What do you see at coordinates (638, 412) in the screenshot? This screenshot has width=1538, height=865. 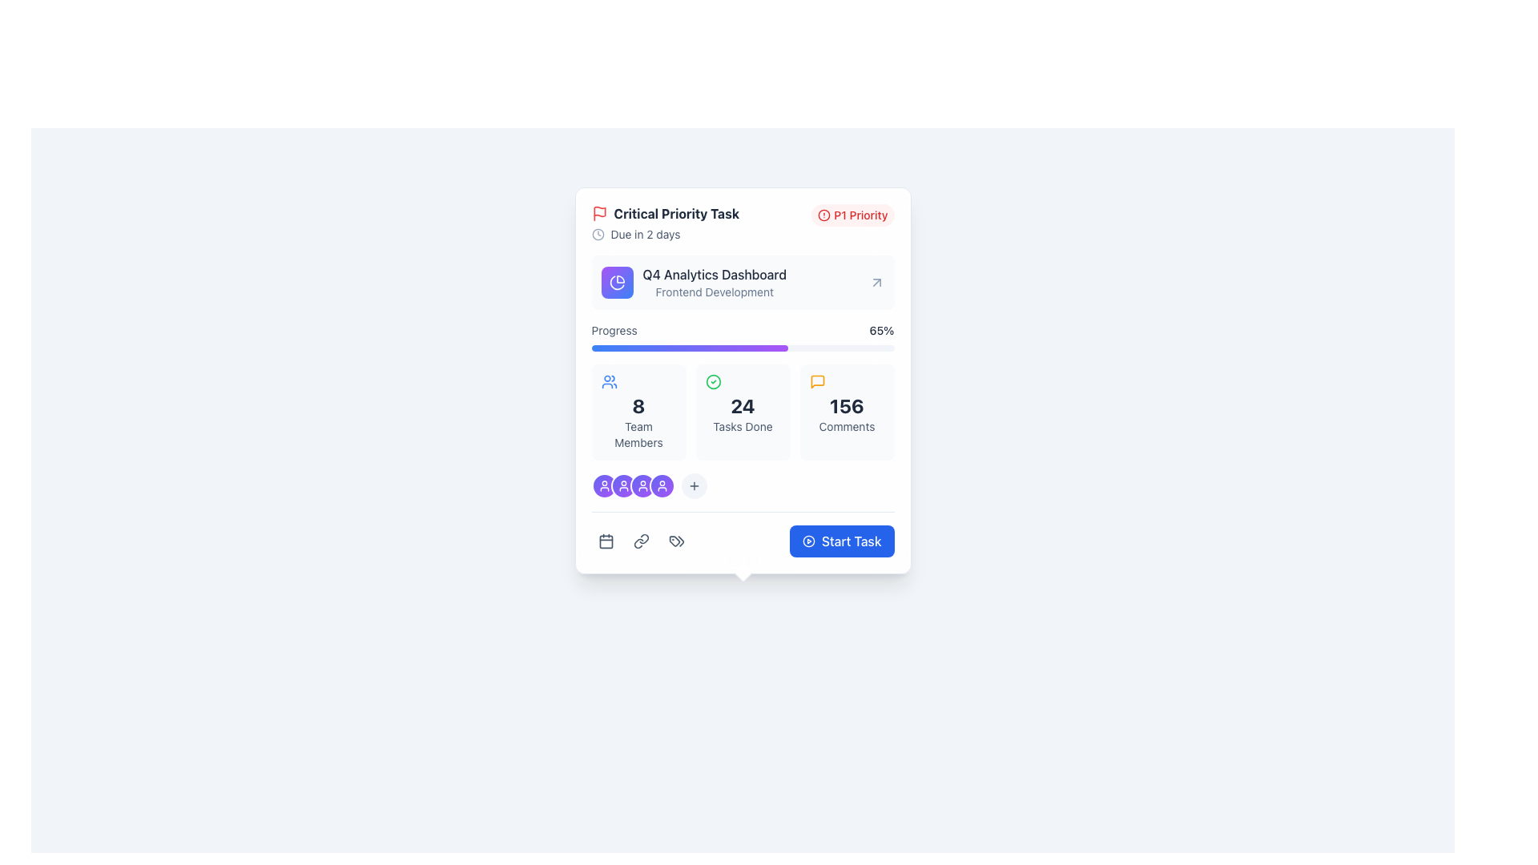 I see `displayed information from the Info card showing '8 Team Members' with a user icon above it, located in the top-left corner of the grid` at bounding box center [638, 412].